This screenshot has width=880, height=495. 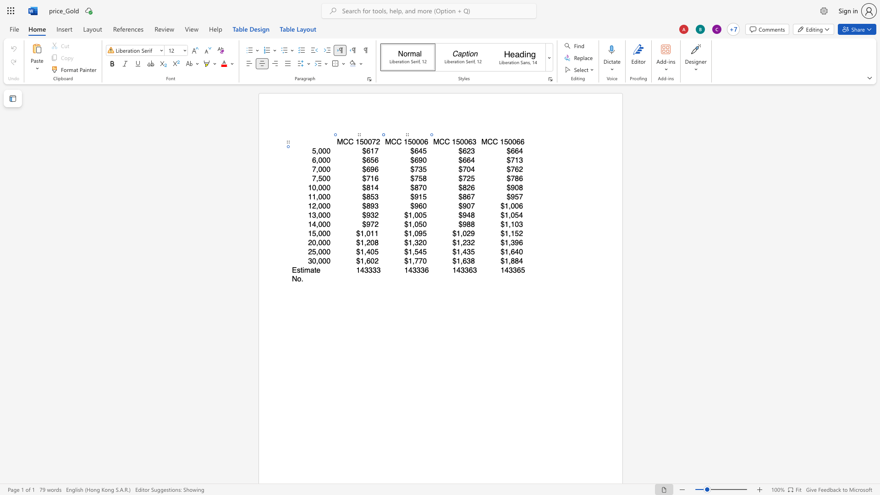 What do you see at coordinates (520, 142) in the screenshot?
I see `the space between the continuous character "6" and "6" in the text` at bounding box center [520, 142].